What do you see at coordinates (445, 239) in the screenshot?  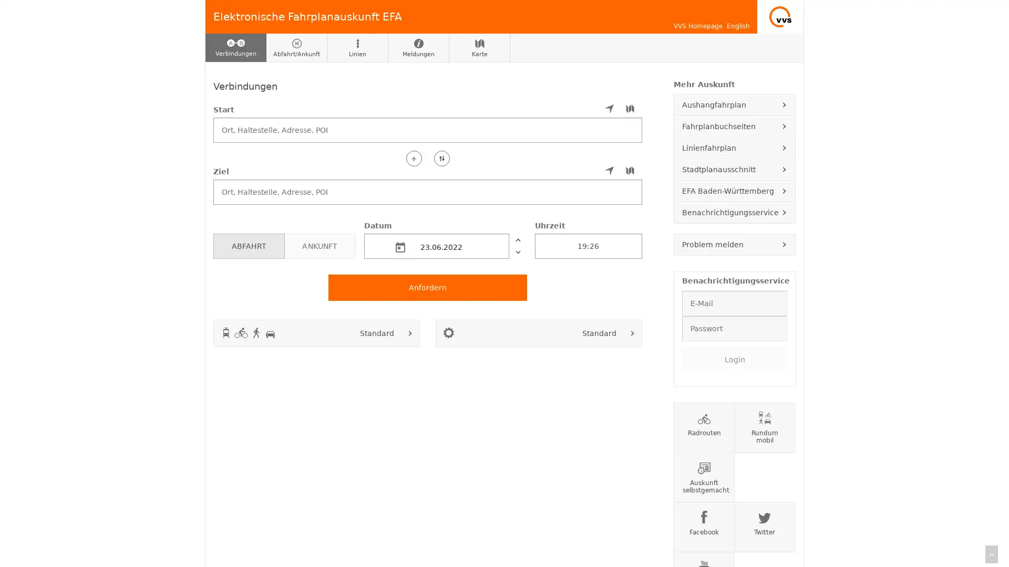 I see `Datum 23.06.2022 vorher nachher` at bounding box center [445, 239].